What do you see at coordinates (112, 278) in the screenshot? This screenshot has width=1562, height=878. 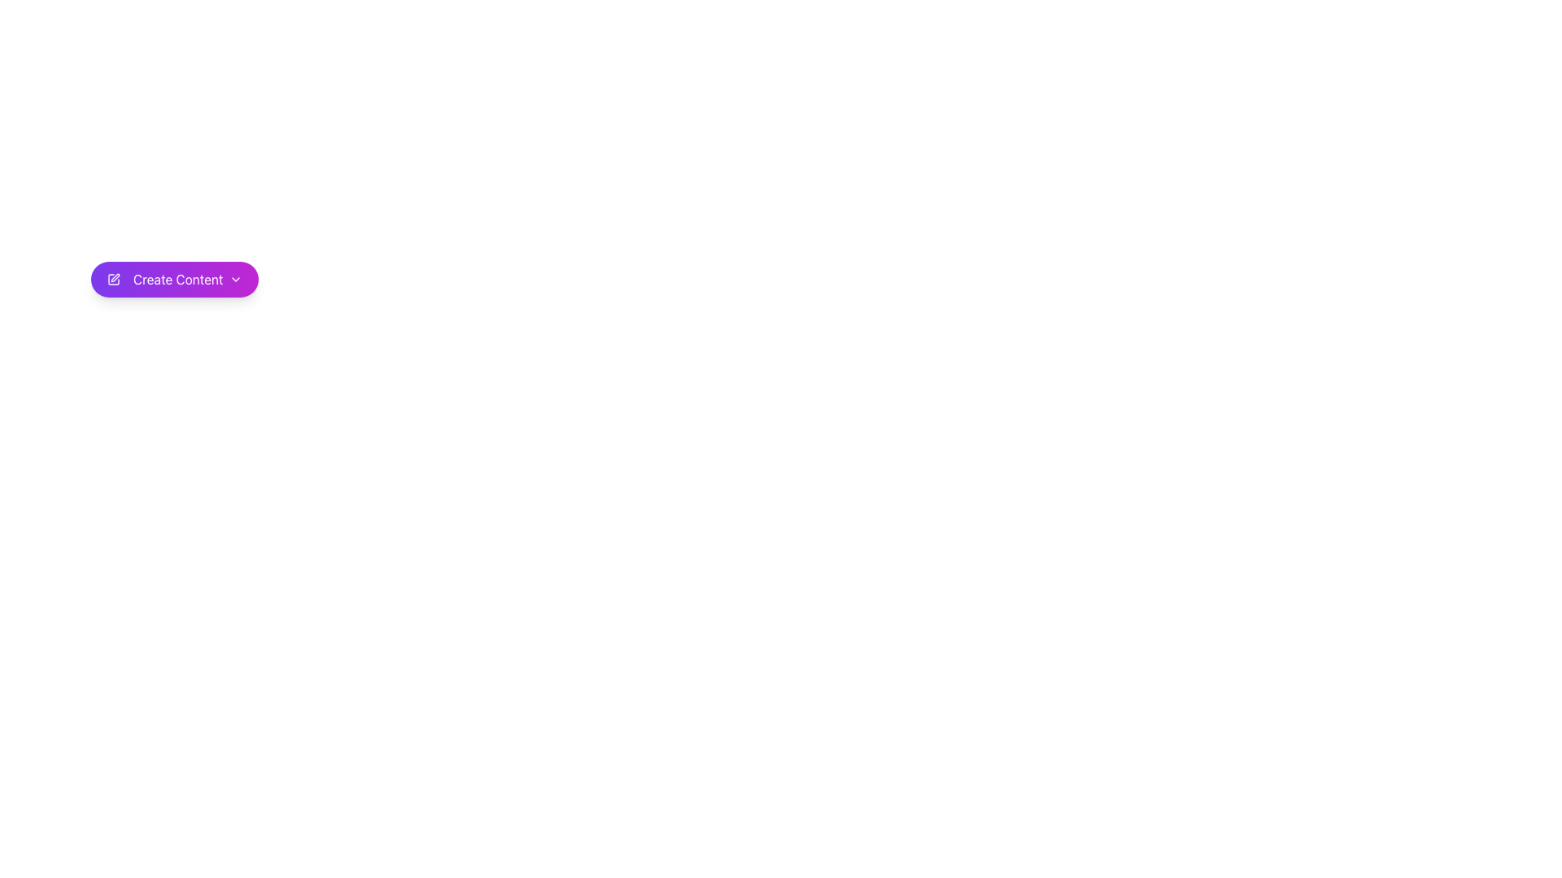 I see `the animation effect of the first icon within the rounded button labeled 'Create Content', which symbolizes creation or editing content` at bounding box center [112, 278].